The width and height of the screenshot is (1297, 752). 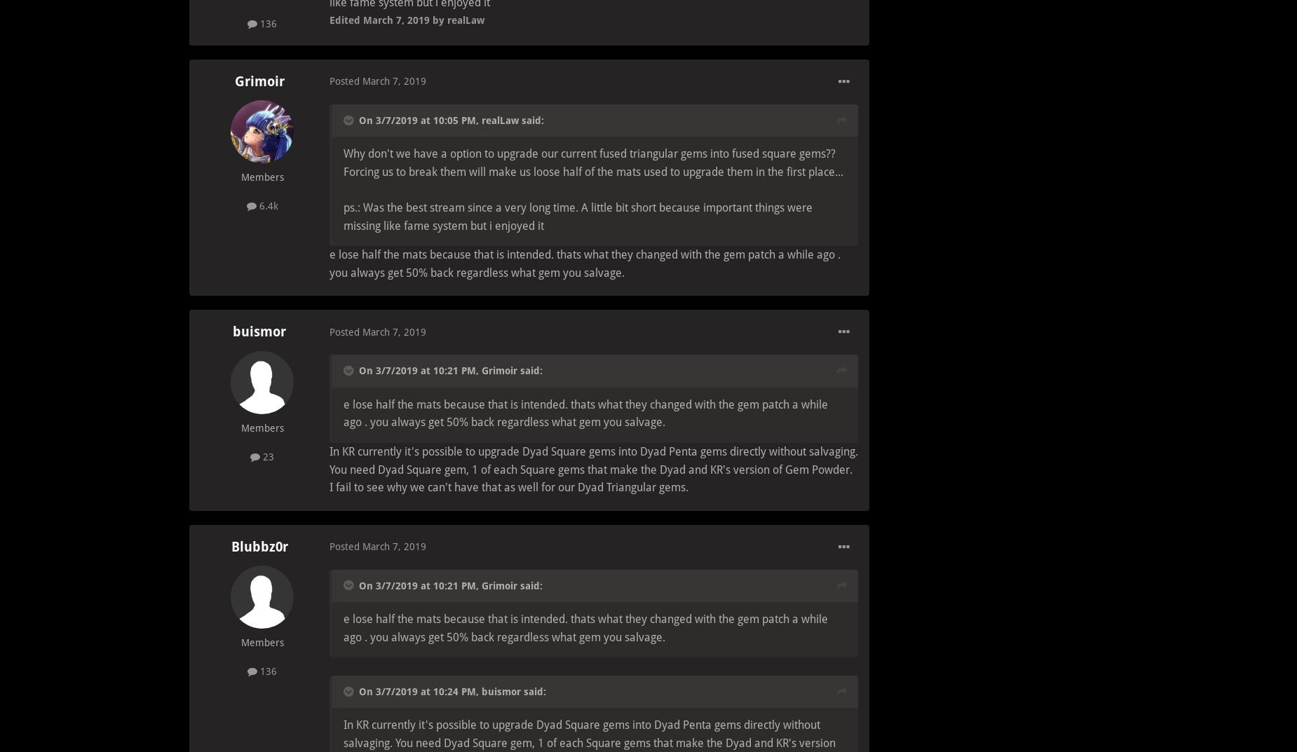 What do you see at coordinates (344, 170) in the screenshot?
I see `'Forcing us to break them will make us loose half of the mats used to upgrade them in the first place...'` at bounding box center [344, 170].